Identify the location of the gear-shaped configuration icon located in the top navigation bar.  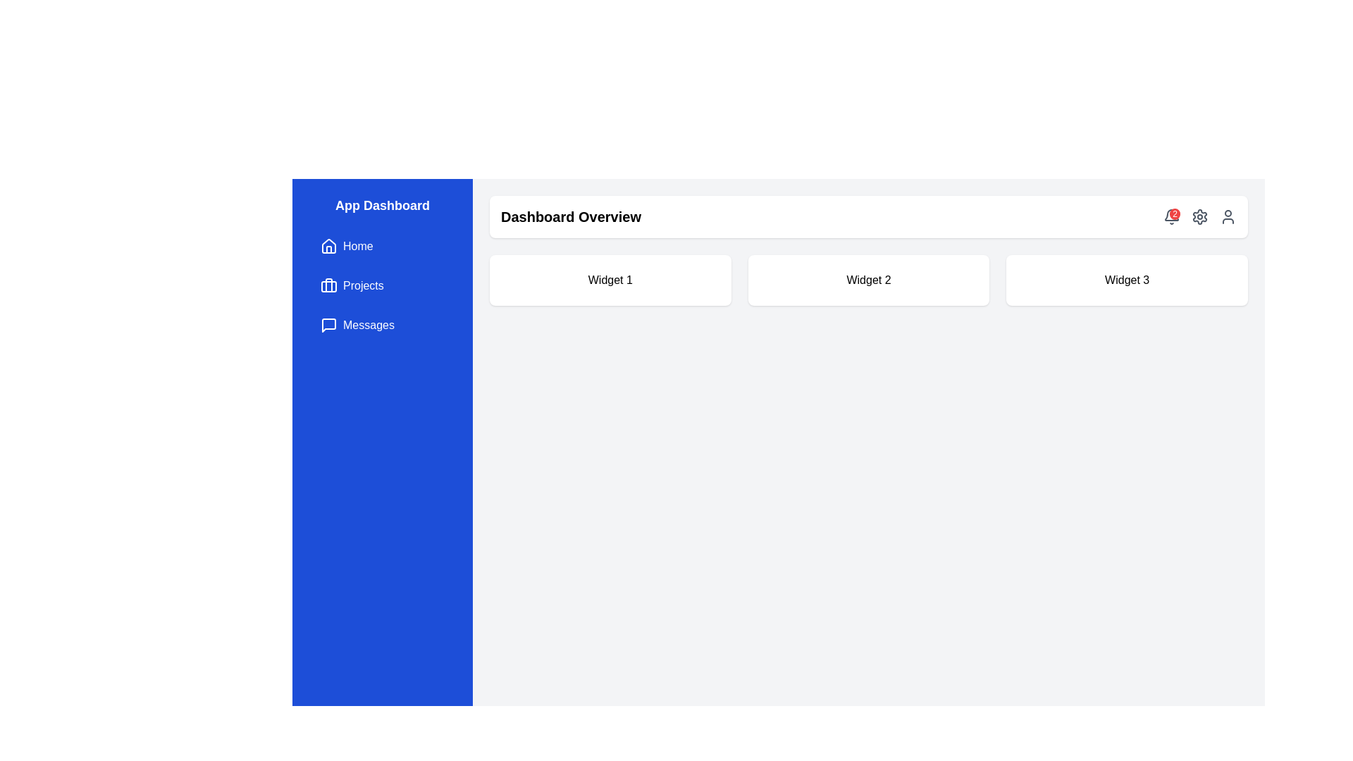
(1199, 217).